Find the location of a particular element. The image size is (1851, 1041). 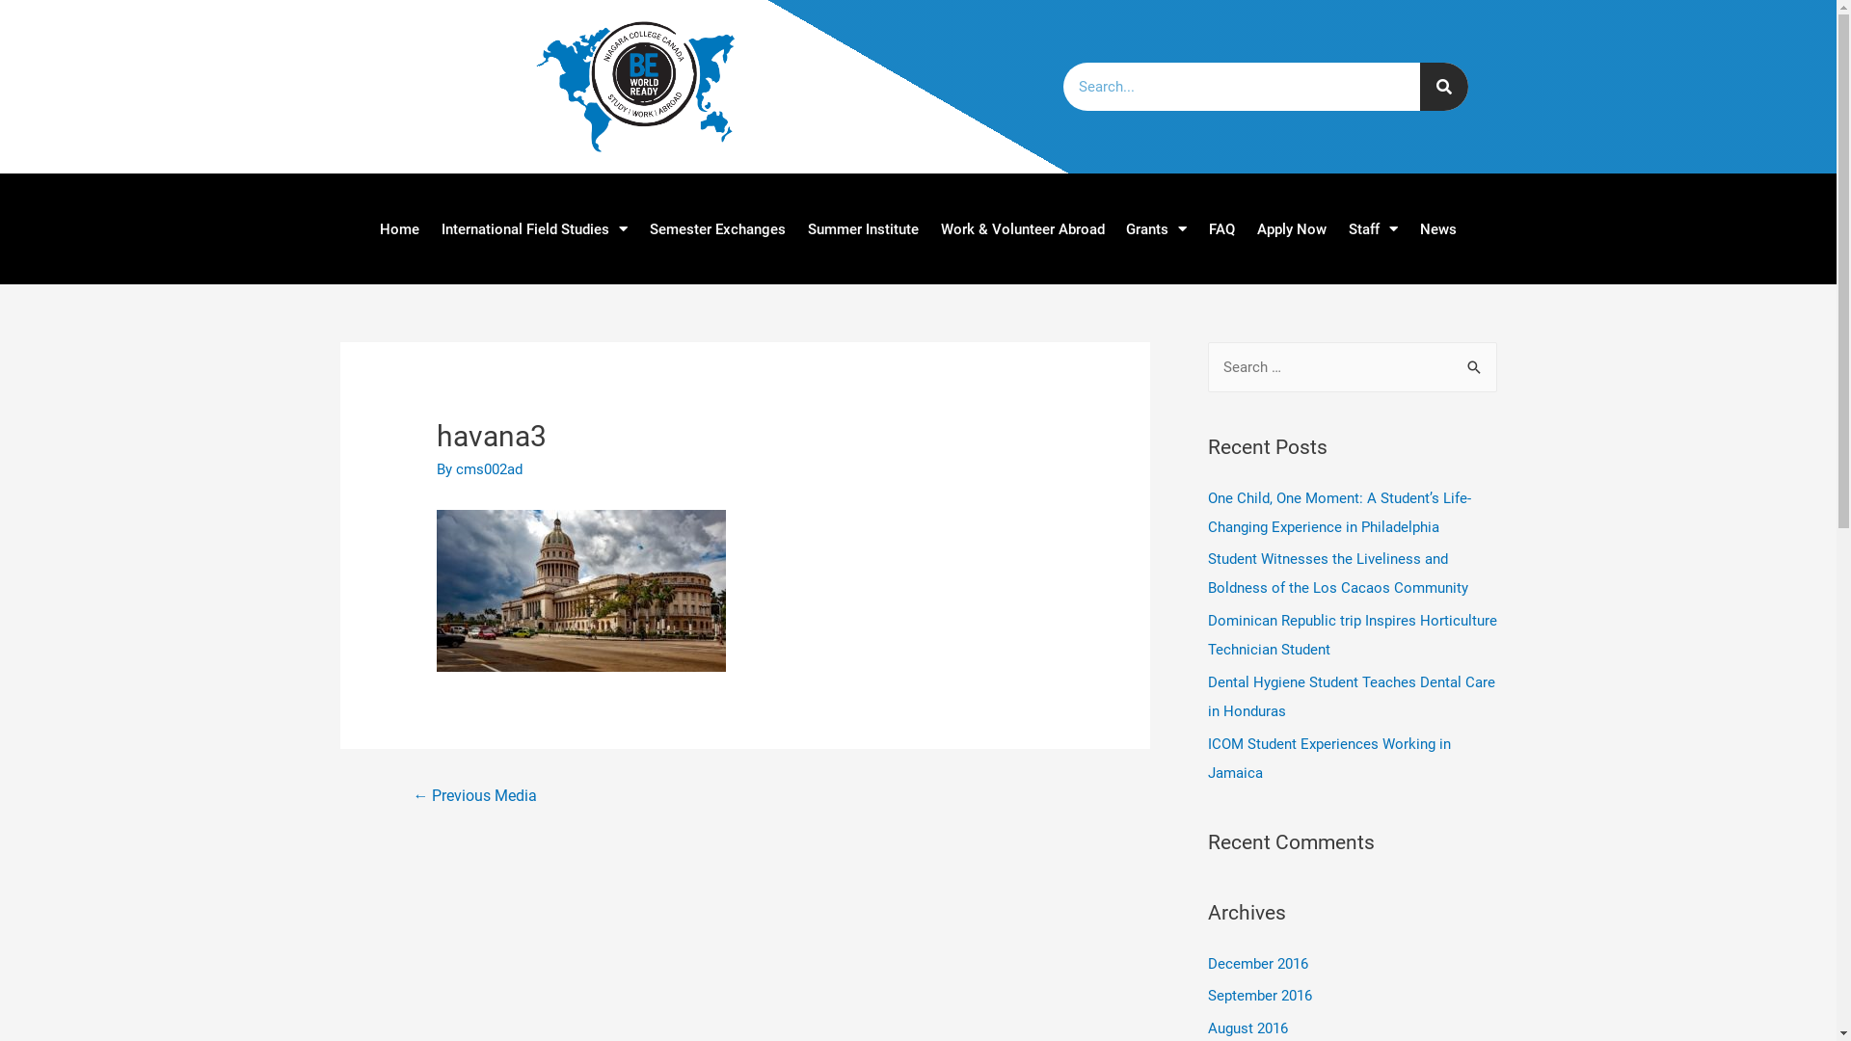

'Dental Hygiene Student Teaches Dental Care in Honduras' is located at coordinates (1350, 696).